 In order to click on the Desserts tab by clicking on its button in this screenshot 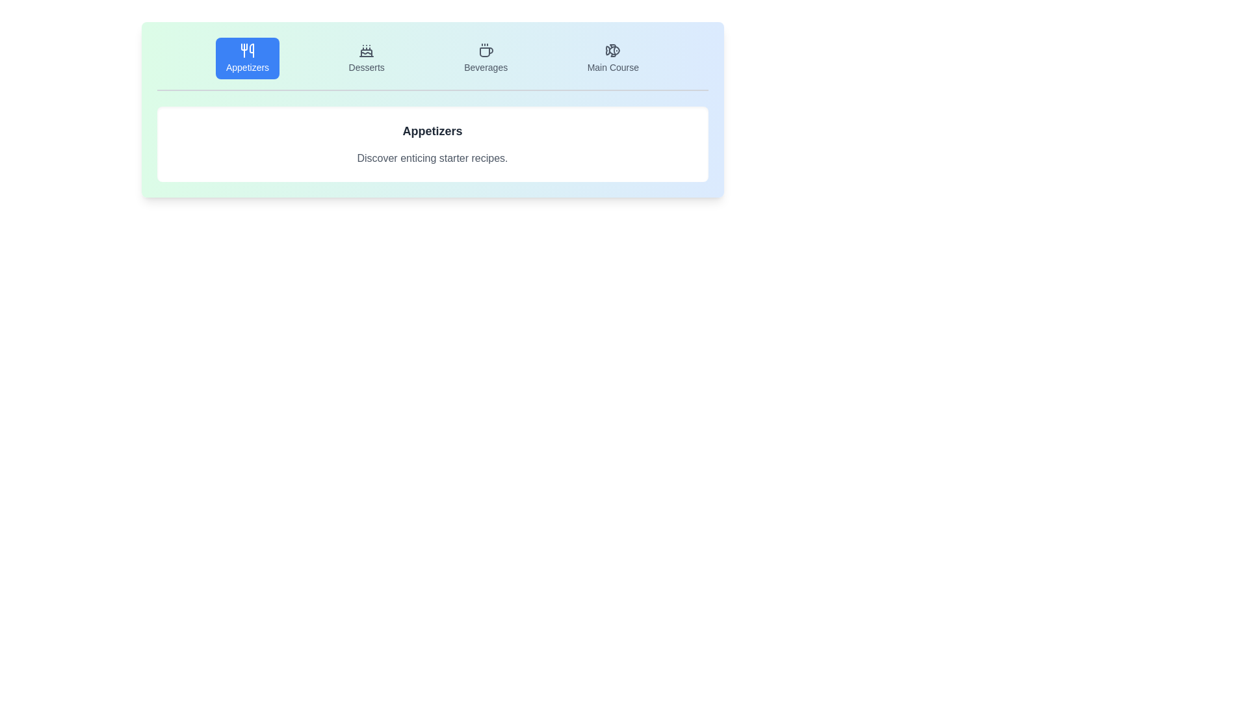, I will do `click(366, 57)`.